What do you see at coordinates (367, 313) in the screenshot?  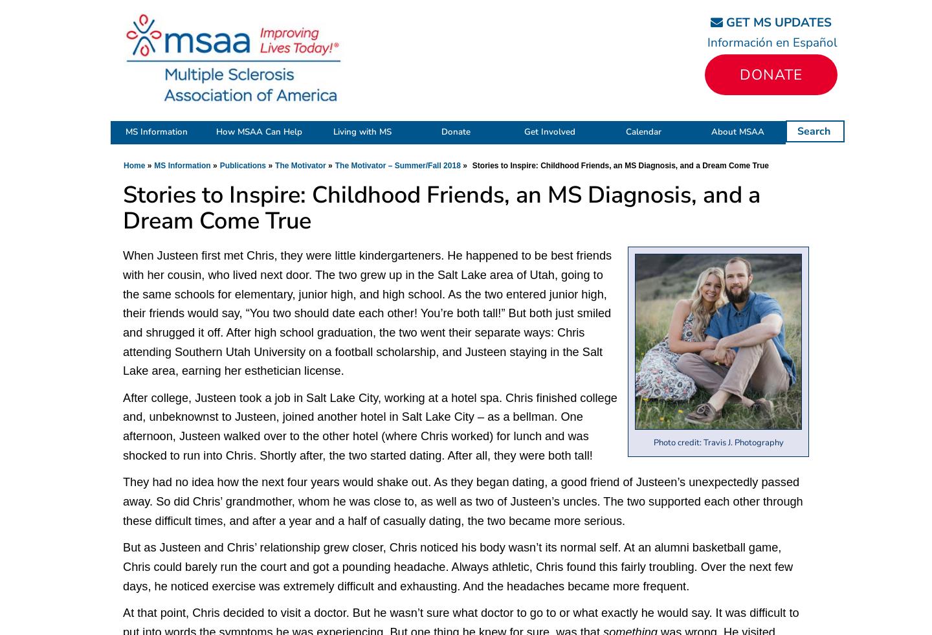 I see `'When Justeen first met Chris, they were little kindergarteners. He happened to be best friends with her cousin, who lived next door. The two grew up in the Salt Lake area of Utah, going to the same schools for elementary, junior high, and high school. As the two entered junior high, their friends would say, “You two should date each other! You’re both tall!” But both just smiled and shrugged it off. After high school graduation, the two went their separate ways: Chris attending Southern Utah University on a football scholarship, and Justeen staying in the Salt Lake area, earning her esthetician license.'` at bounding box center [367, 313].